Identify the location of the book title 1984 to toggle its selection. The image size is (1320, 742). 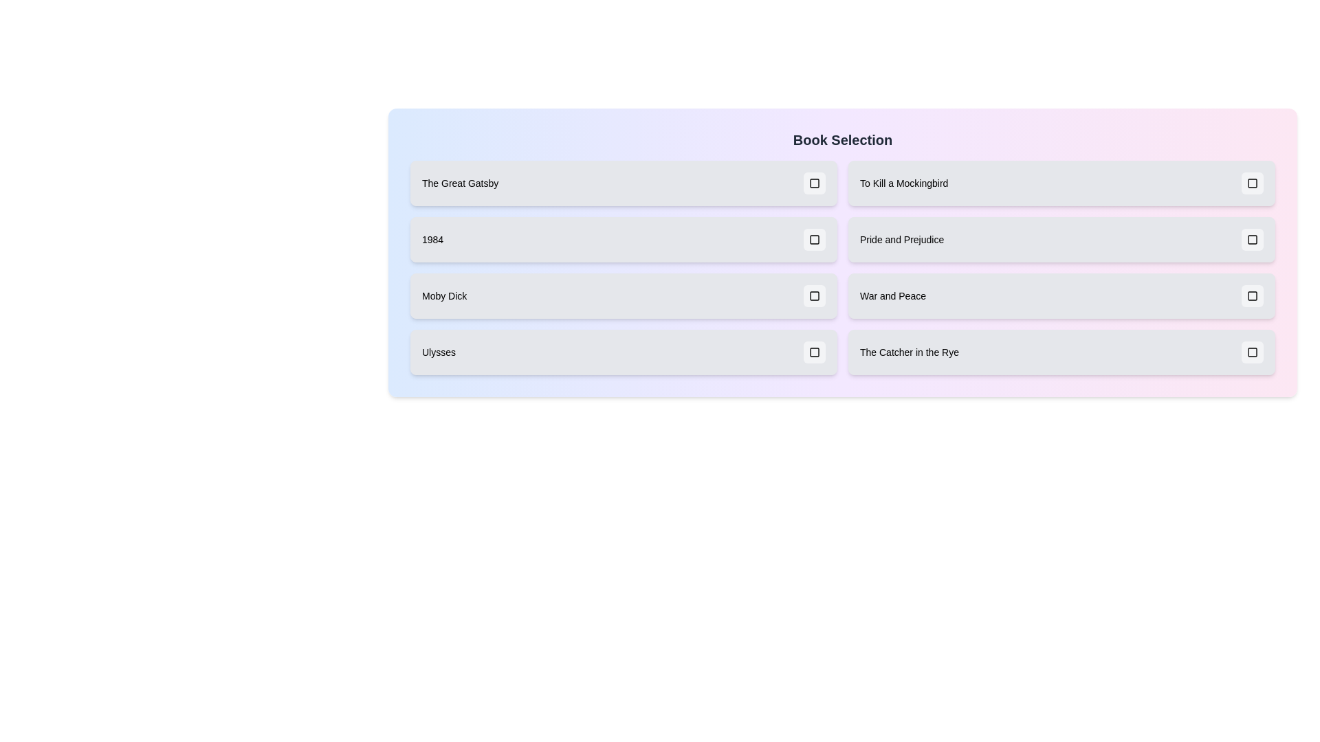
(623, 238).